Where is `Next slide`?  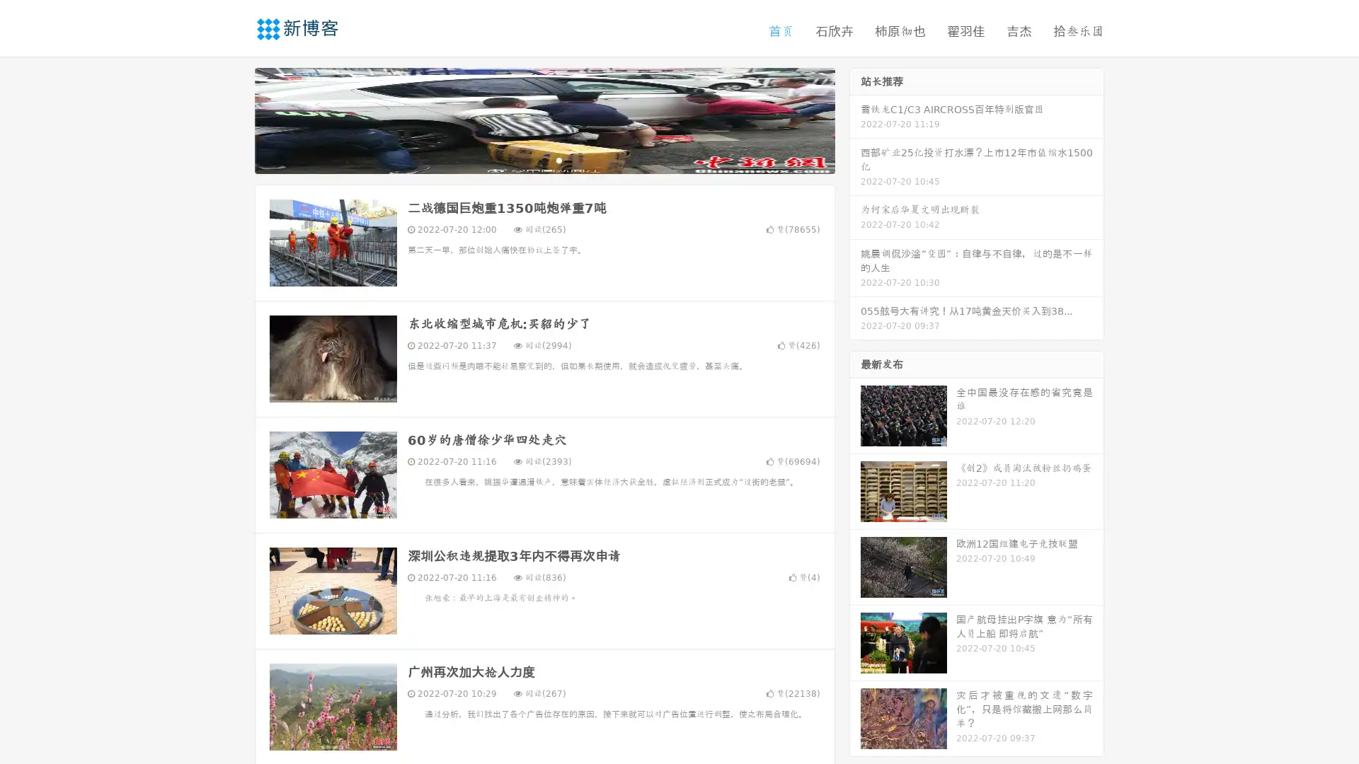 Next slide is located at coordinates (855, 119).